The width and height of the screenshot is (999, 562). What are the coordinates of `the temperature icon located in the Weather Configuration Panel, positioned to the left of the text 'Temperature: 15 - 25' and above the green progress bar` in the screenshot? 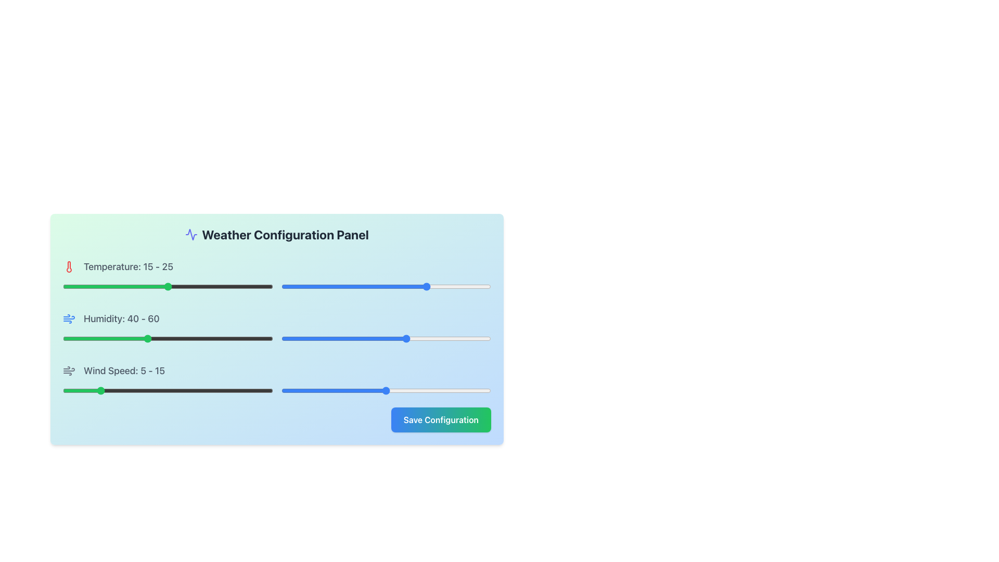 It's located at (69, 266).